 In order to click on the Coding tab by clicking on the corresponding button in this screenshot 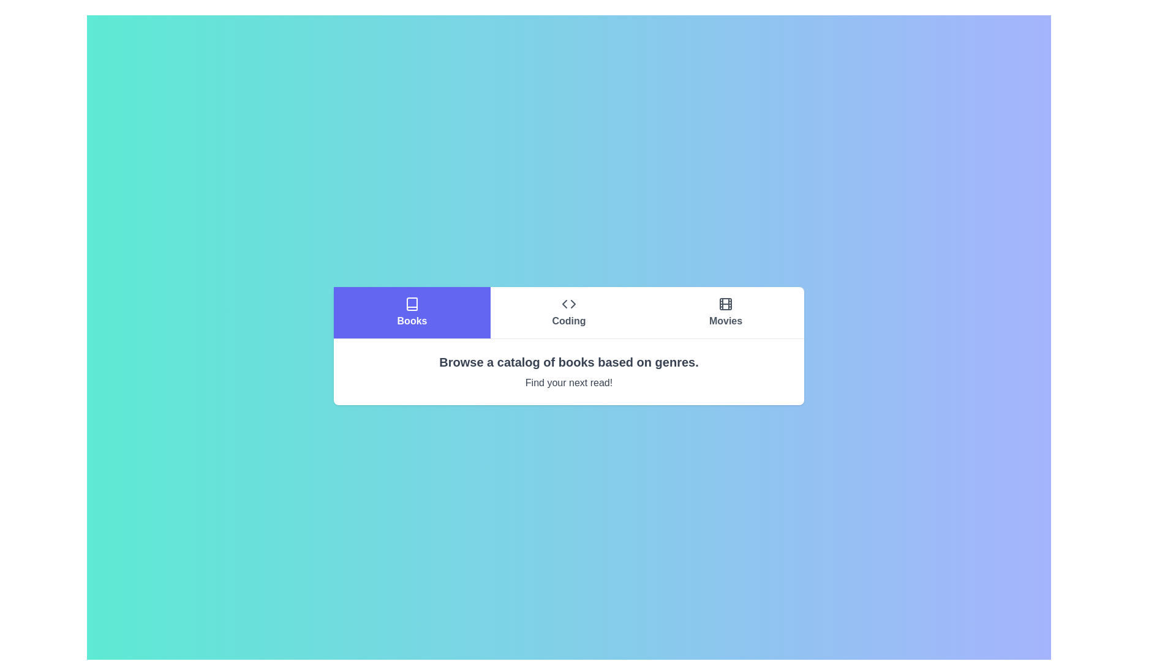, I will do `click(568, 312)`.